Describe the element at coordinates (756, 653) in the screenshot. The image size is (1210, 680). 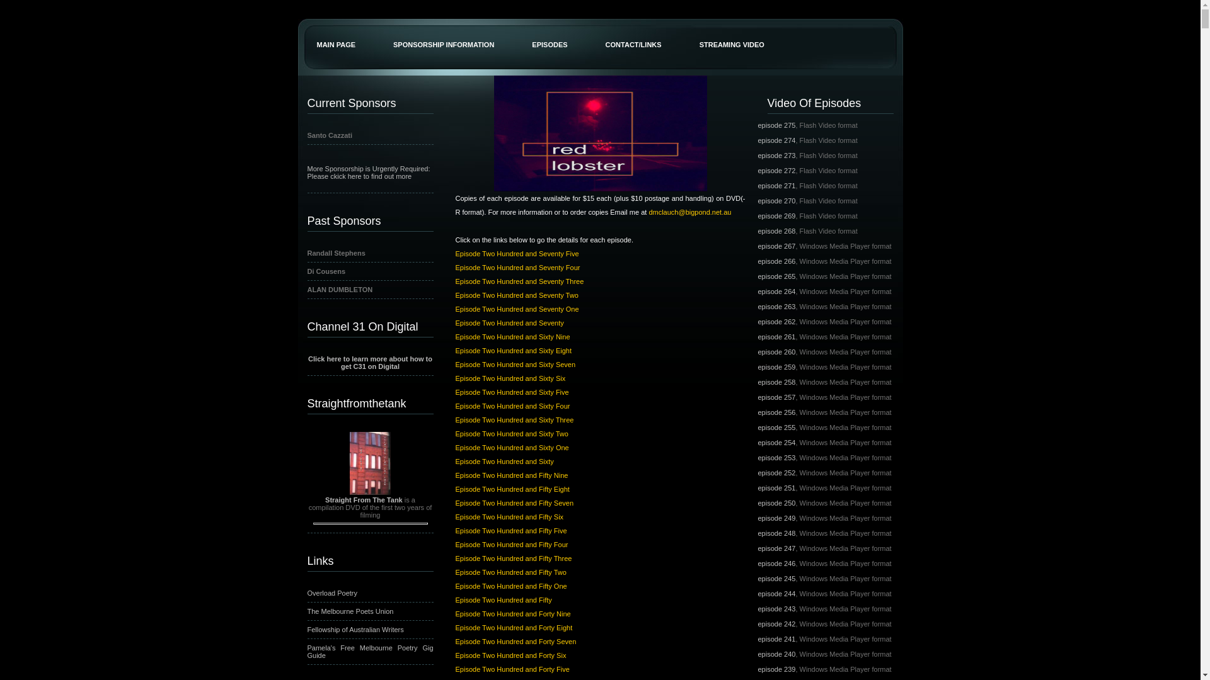
I see `'episode 240'` at that location.